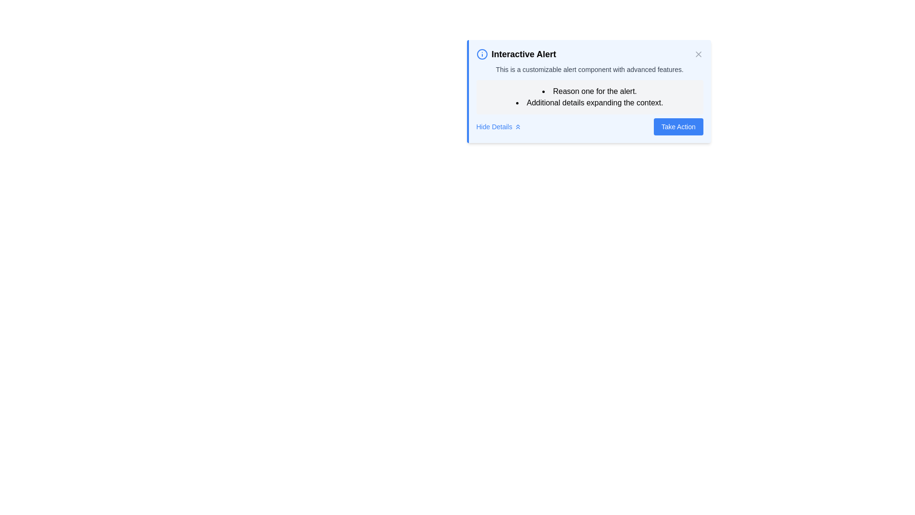 This screenshot has height=515, width=915. Describe the element at coordinates (589, 92) in the screenshot. I see `text content of the first bulleted list item, which states 'Reason one for the alert.' located in a light blue notification box below the title 'Interactive Alert'` at that location.